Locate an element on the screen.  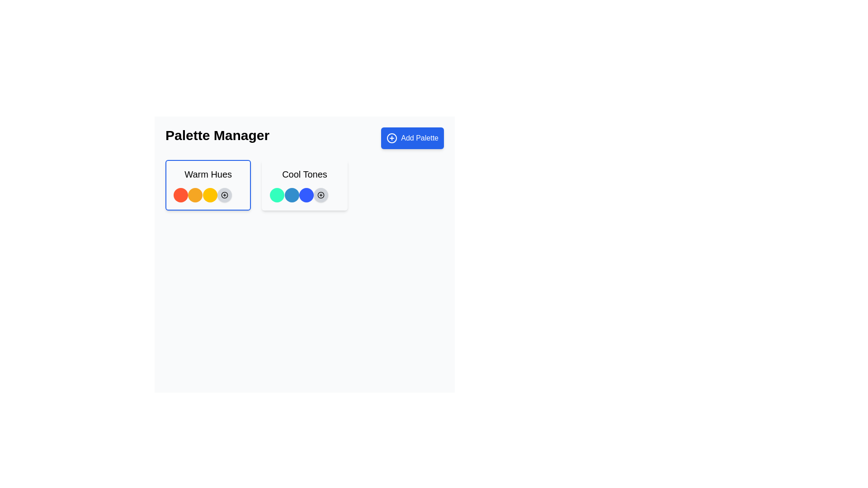
the circular button with a light gray background and a black border, located in the fourth position under the 'Warm Hues' section is located at coordinates (224, 195).